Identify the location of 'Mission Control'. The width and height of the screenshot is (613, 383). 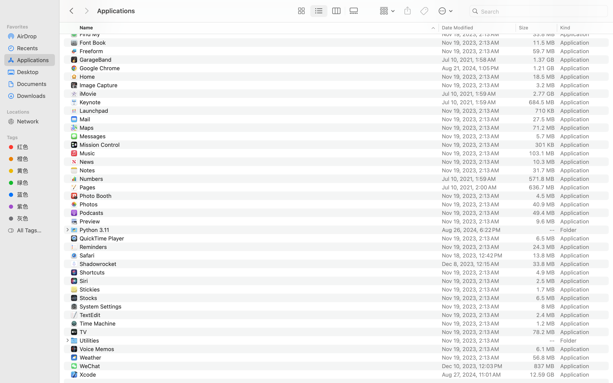
(101, 144).